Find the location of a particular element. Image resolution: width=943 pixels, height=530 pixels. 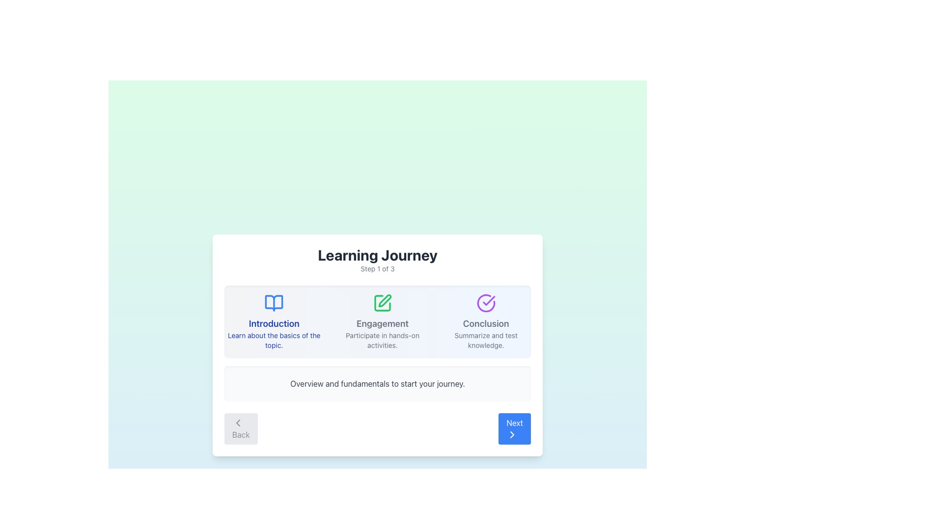

the chevron icon located on the left side of the 'Back' button in the bottom-left corner of the interface to indicate backward navigation is located at coordinates (238, 422).